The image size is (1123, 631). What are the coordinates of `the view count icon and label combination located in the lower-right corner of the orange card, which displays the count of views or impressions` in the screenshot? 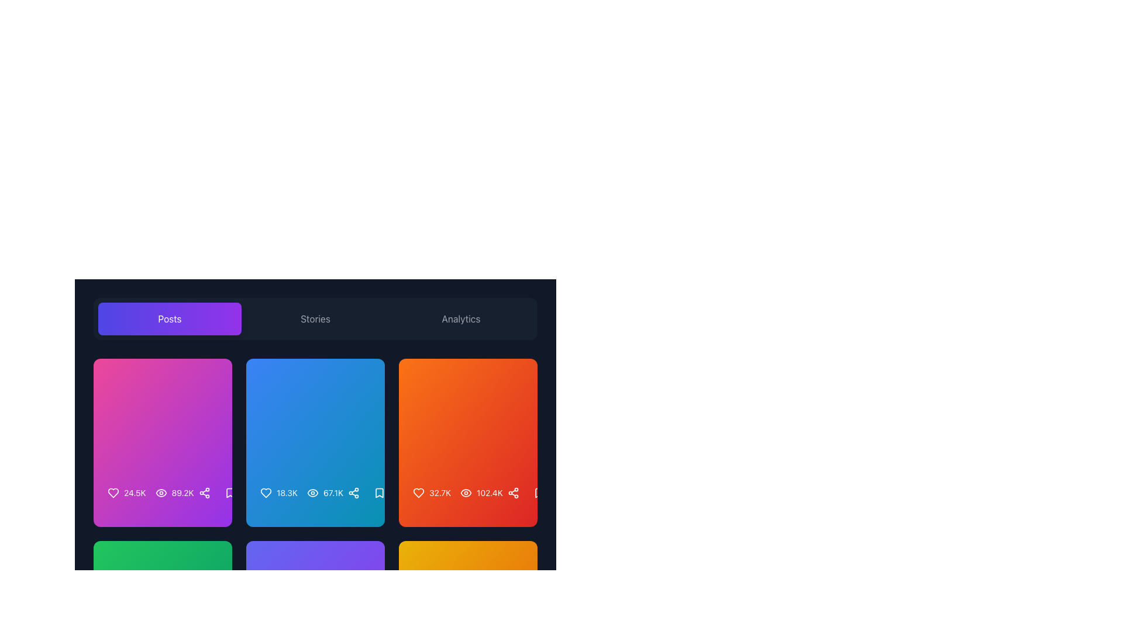 It's located at (481, 493).